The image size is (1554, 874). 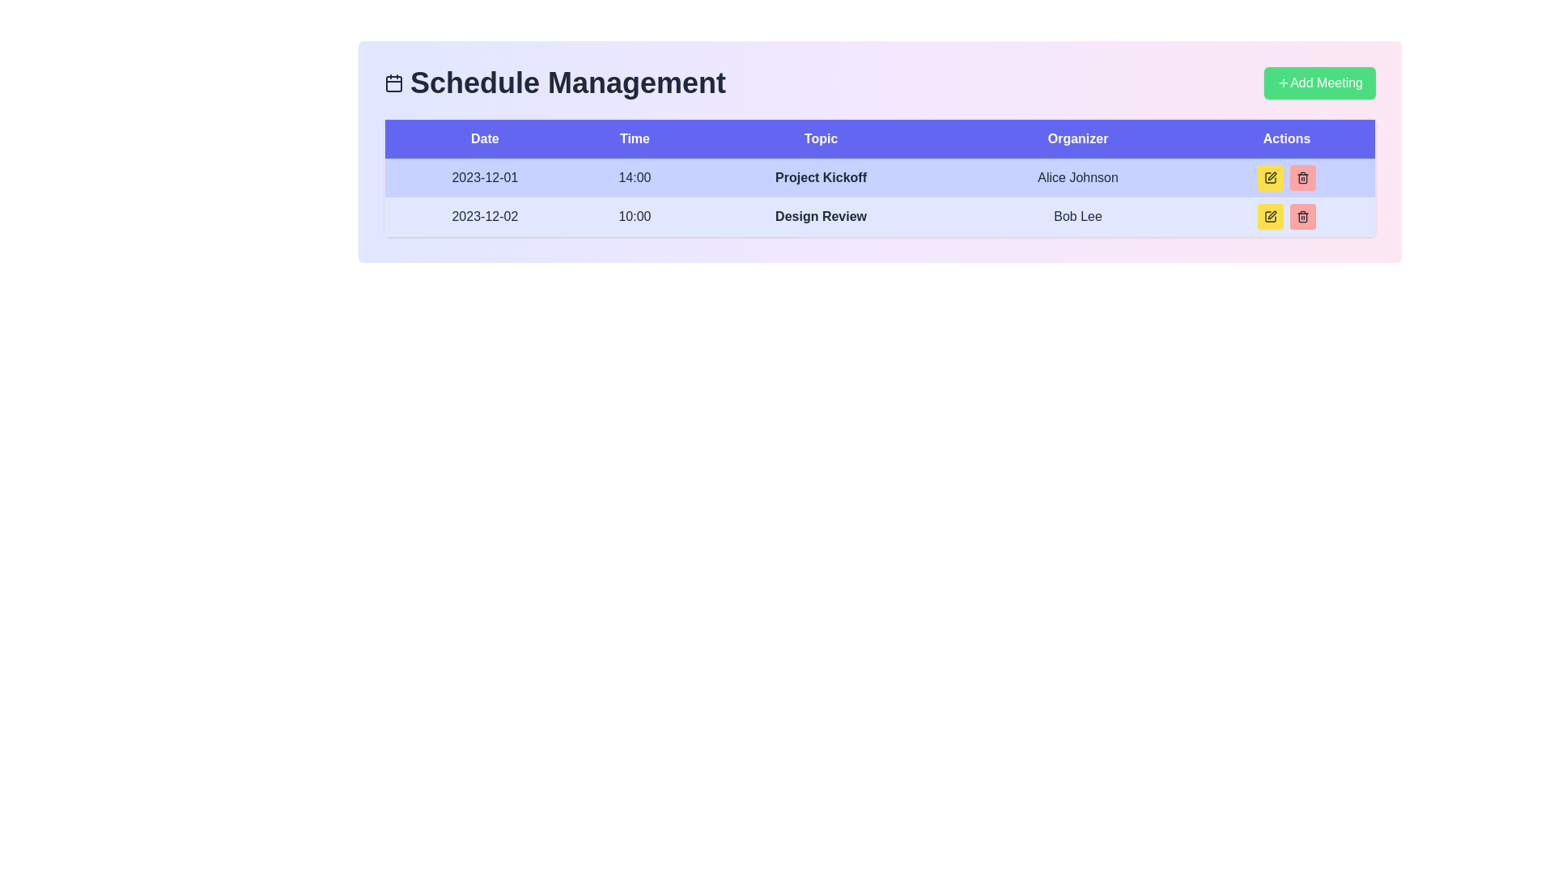 What do you see at coordinates (1269, 215) in the screenshot?
I see `the 'Edit' button in the 'Actions' column of the second row in the table under 'Schedule Management' to observe the hover effect` at bounding box center [1269, 215].